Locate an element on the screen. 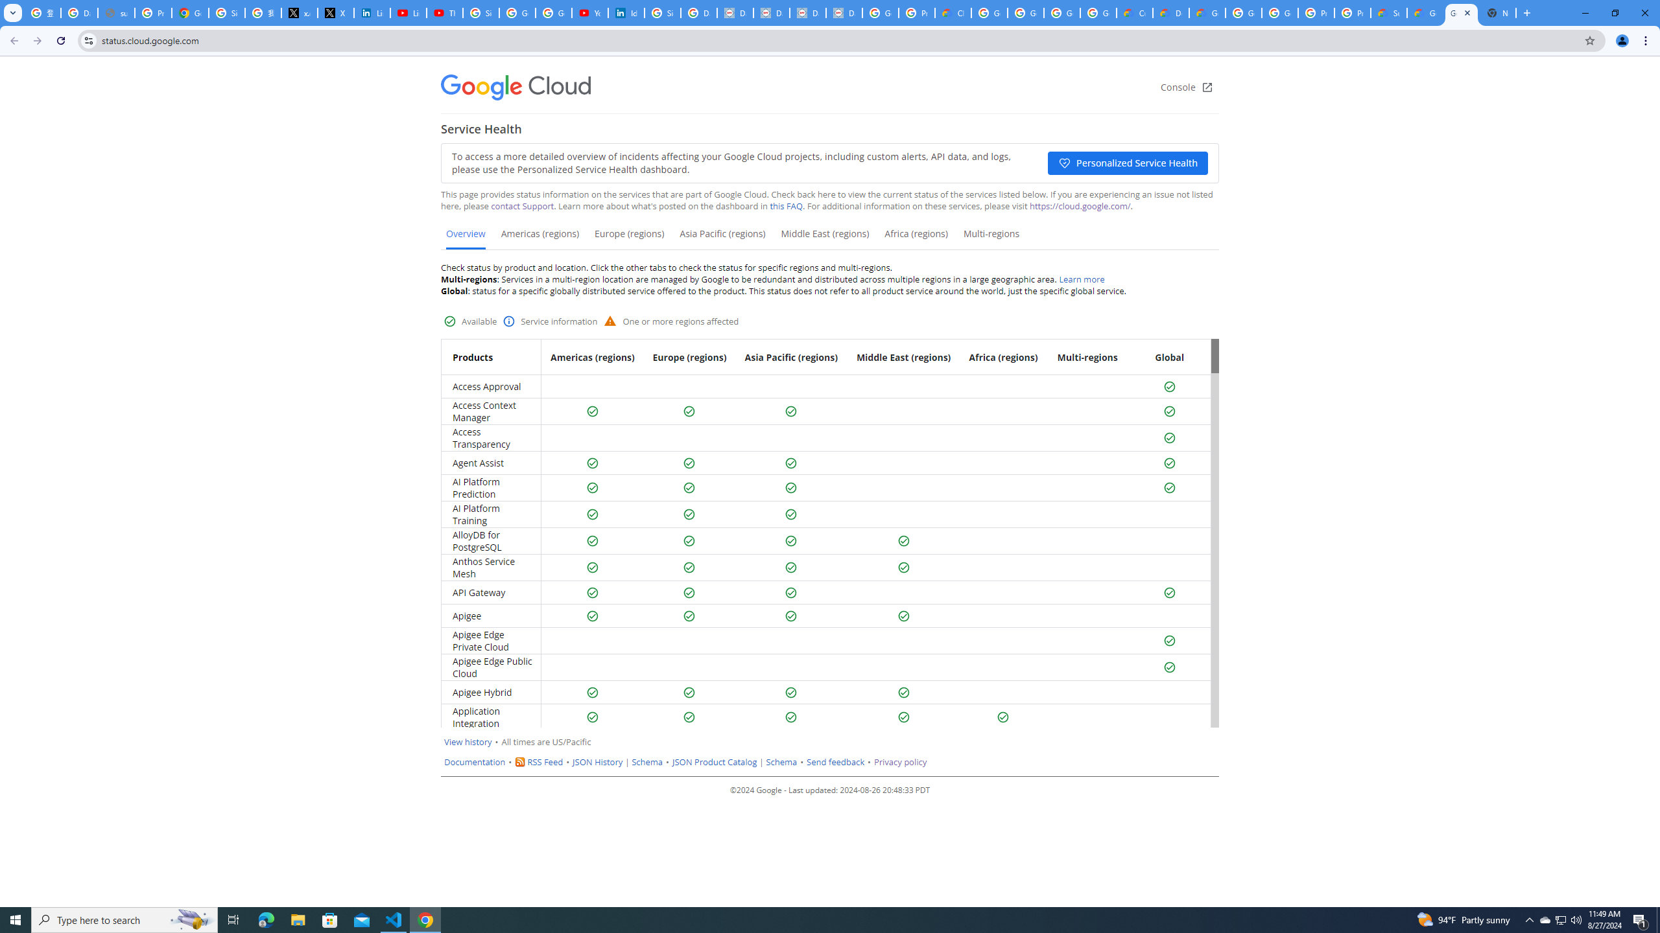 The height and width of the screenshot is (933, 1660). 'Learn more' is located at coordinates (1082, 279).